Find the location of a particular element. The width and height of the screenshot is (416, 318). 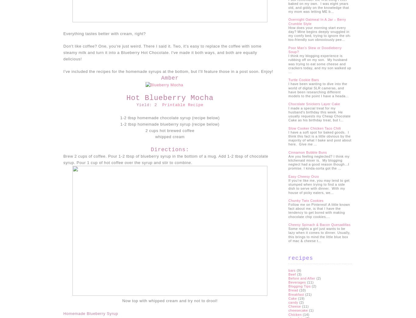

'Cheese' is located at coordinates (294, 306).